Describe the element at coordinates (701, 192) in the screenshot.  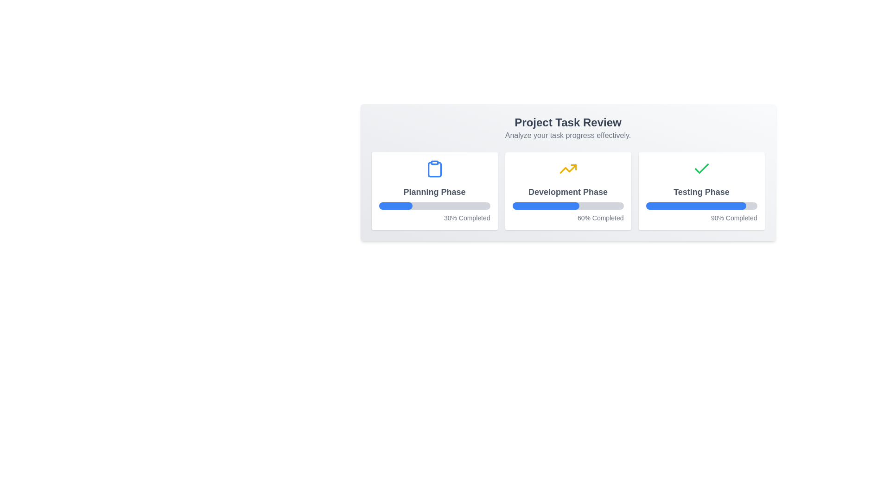
I see `text component that displays 'Testing Phase', which is styled in bold and large font, located centrally above the blue progress bar within the rightmost card` at that location.